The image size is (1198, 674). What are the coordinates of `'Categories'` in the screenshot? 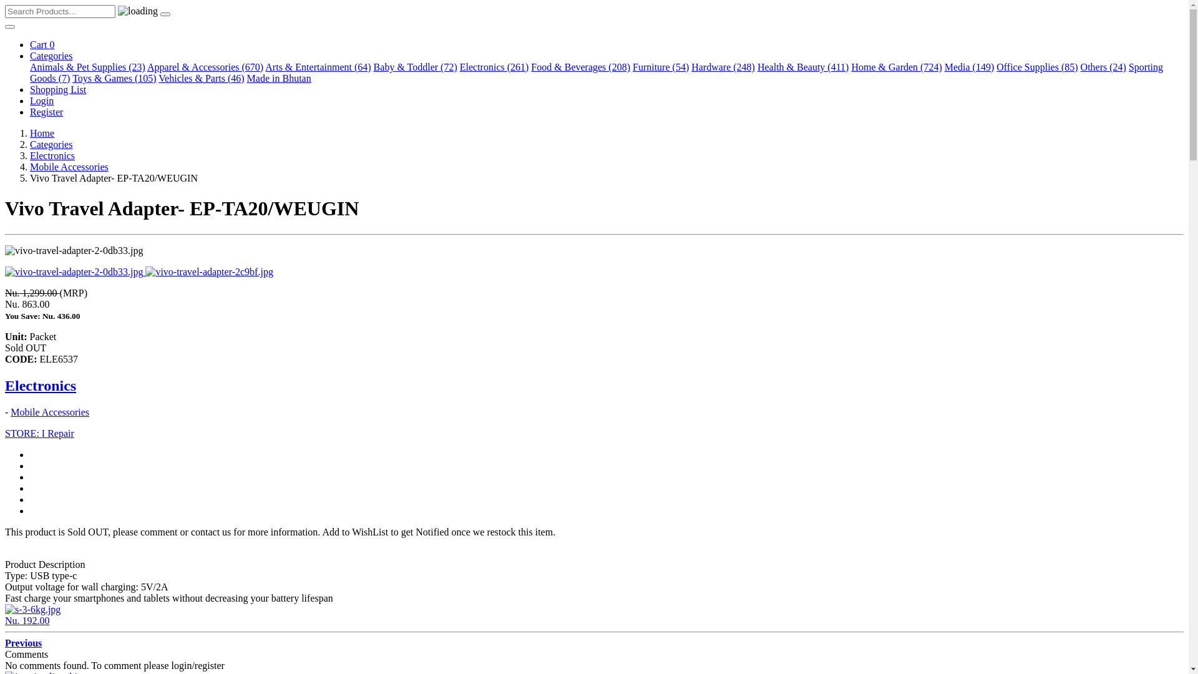 It's located at (50, 55).